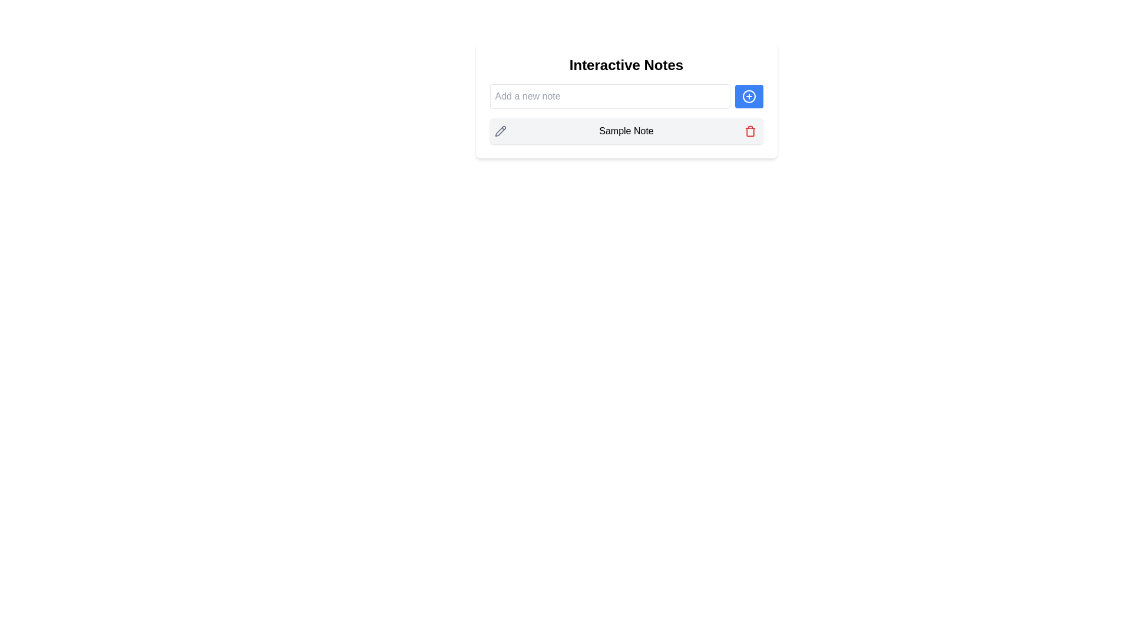 The height and width of the screenshot is (636, 1131). I want to click on the Label displaying 'Sample Note', which is centrally positioned with bold black text on a light gray background, so click(626, 131).